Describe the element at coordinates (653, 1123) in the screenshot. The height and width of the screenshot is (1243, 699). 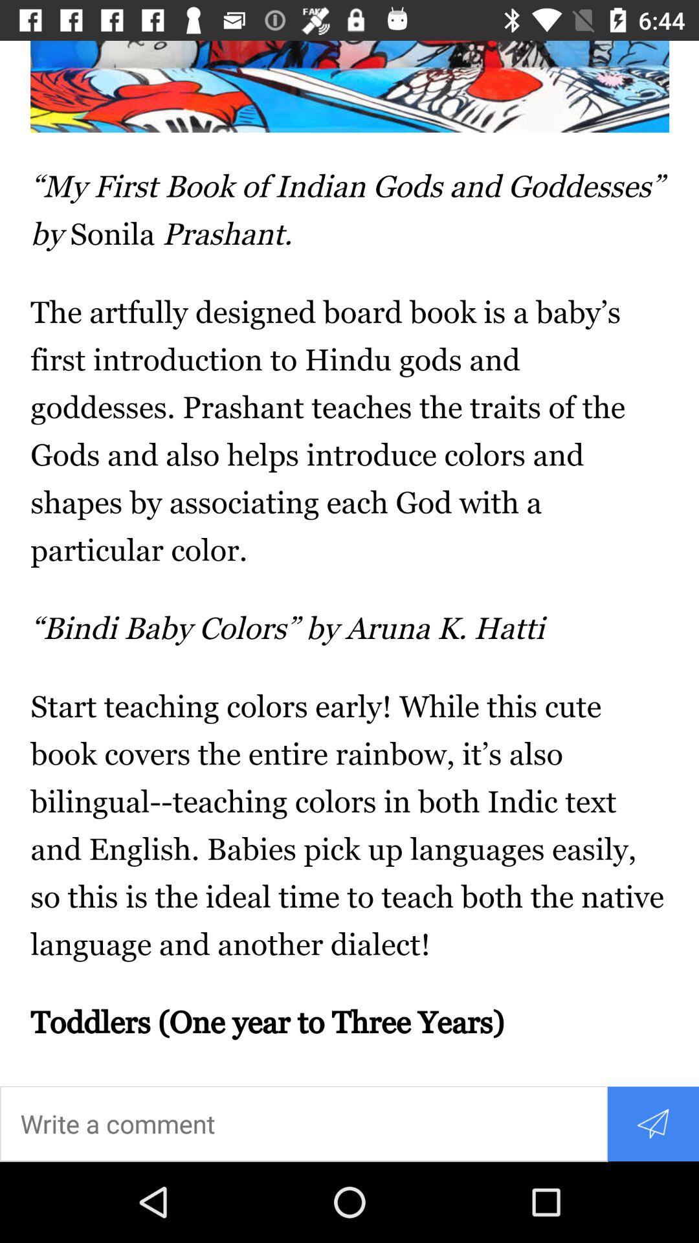
I see `send comment` at that location.